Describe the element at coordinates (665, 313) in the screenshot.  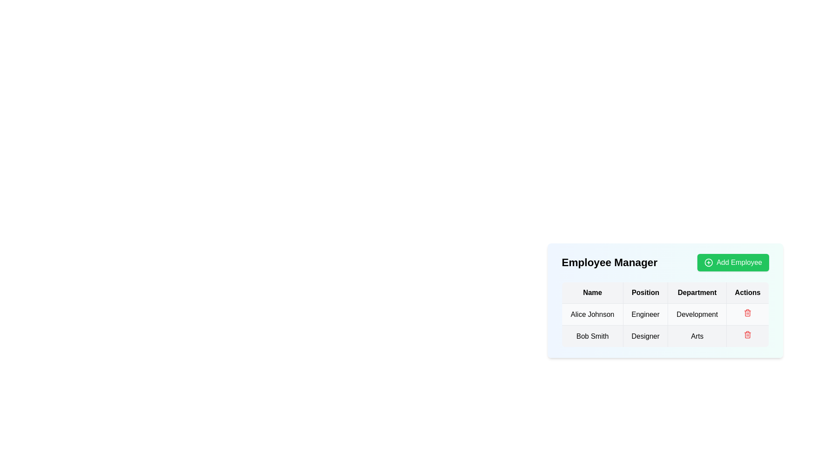
I see `the first row of the table displaying 'Alice Johnson', 'Engineer', and 'Development', which includes a red trash bin icon` at that location.